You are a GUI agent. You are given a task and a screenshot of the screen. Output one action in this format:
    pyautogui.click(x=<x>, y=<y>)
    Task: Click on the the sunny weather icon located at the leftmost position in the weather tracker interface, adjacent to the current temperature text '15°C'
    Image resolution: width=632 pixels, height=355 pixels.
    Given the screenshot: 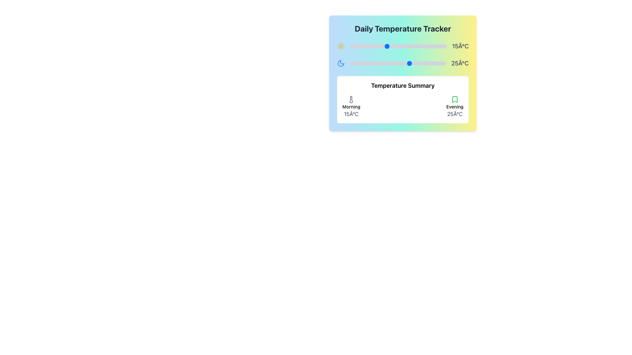 What is the action you would take?
    pyautogui.click(x=341, y=46)
    